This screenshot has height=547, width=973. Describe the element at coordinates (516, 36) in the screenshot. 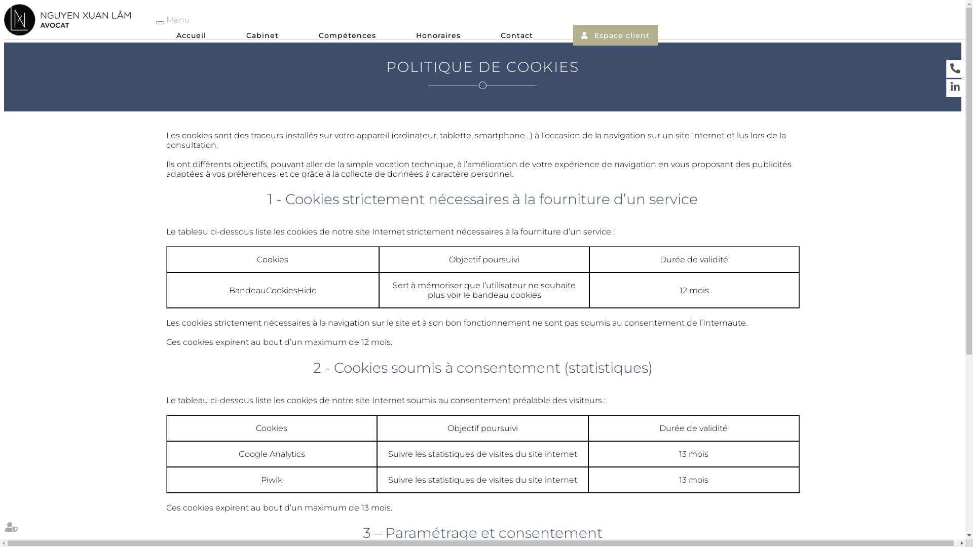

I see `'Contact'` at that location.